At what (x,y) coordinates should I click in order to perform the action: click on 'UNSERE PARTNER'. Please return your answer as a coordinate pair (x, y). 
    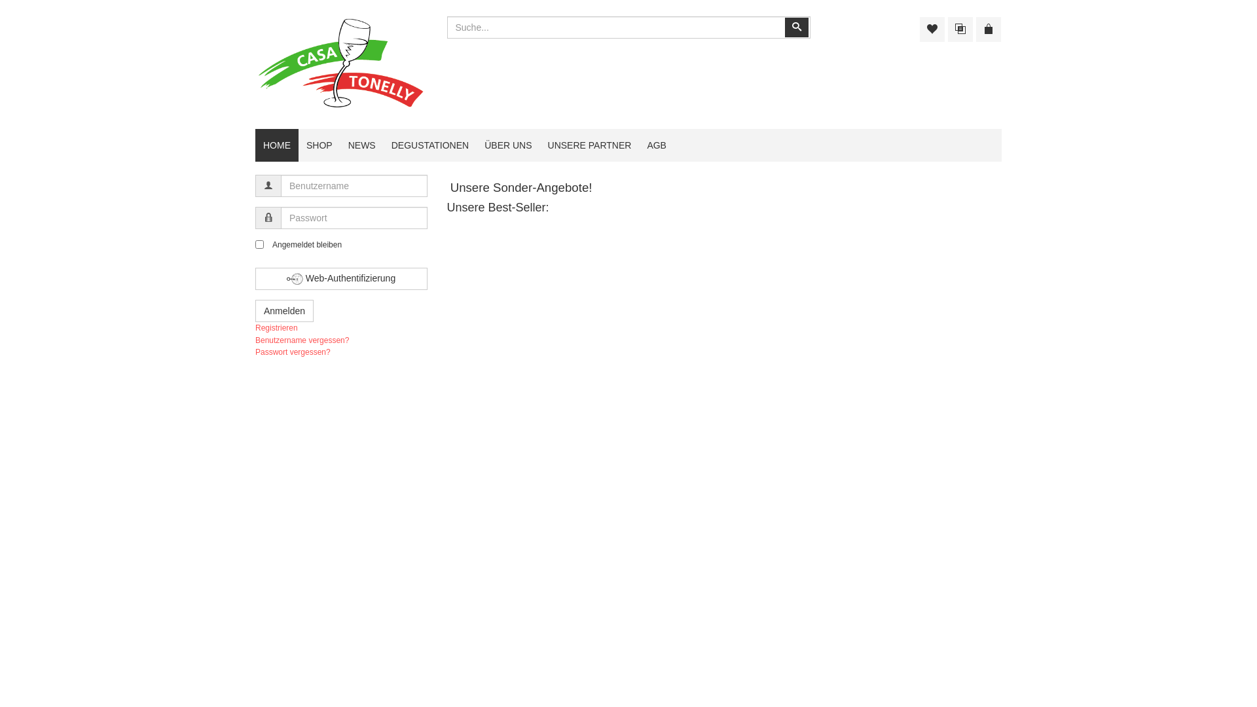
    Looking at the image, I should click on (589, 145).